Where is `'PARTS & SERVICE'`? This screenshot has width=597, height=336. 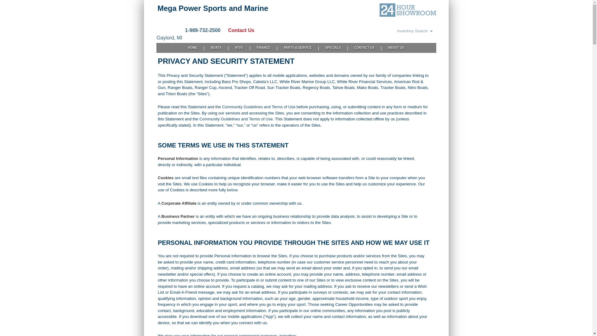
'PARTS & SERVICE' is located at coordinates (298, 48).